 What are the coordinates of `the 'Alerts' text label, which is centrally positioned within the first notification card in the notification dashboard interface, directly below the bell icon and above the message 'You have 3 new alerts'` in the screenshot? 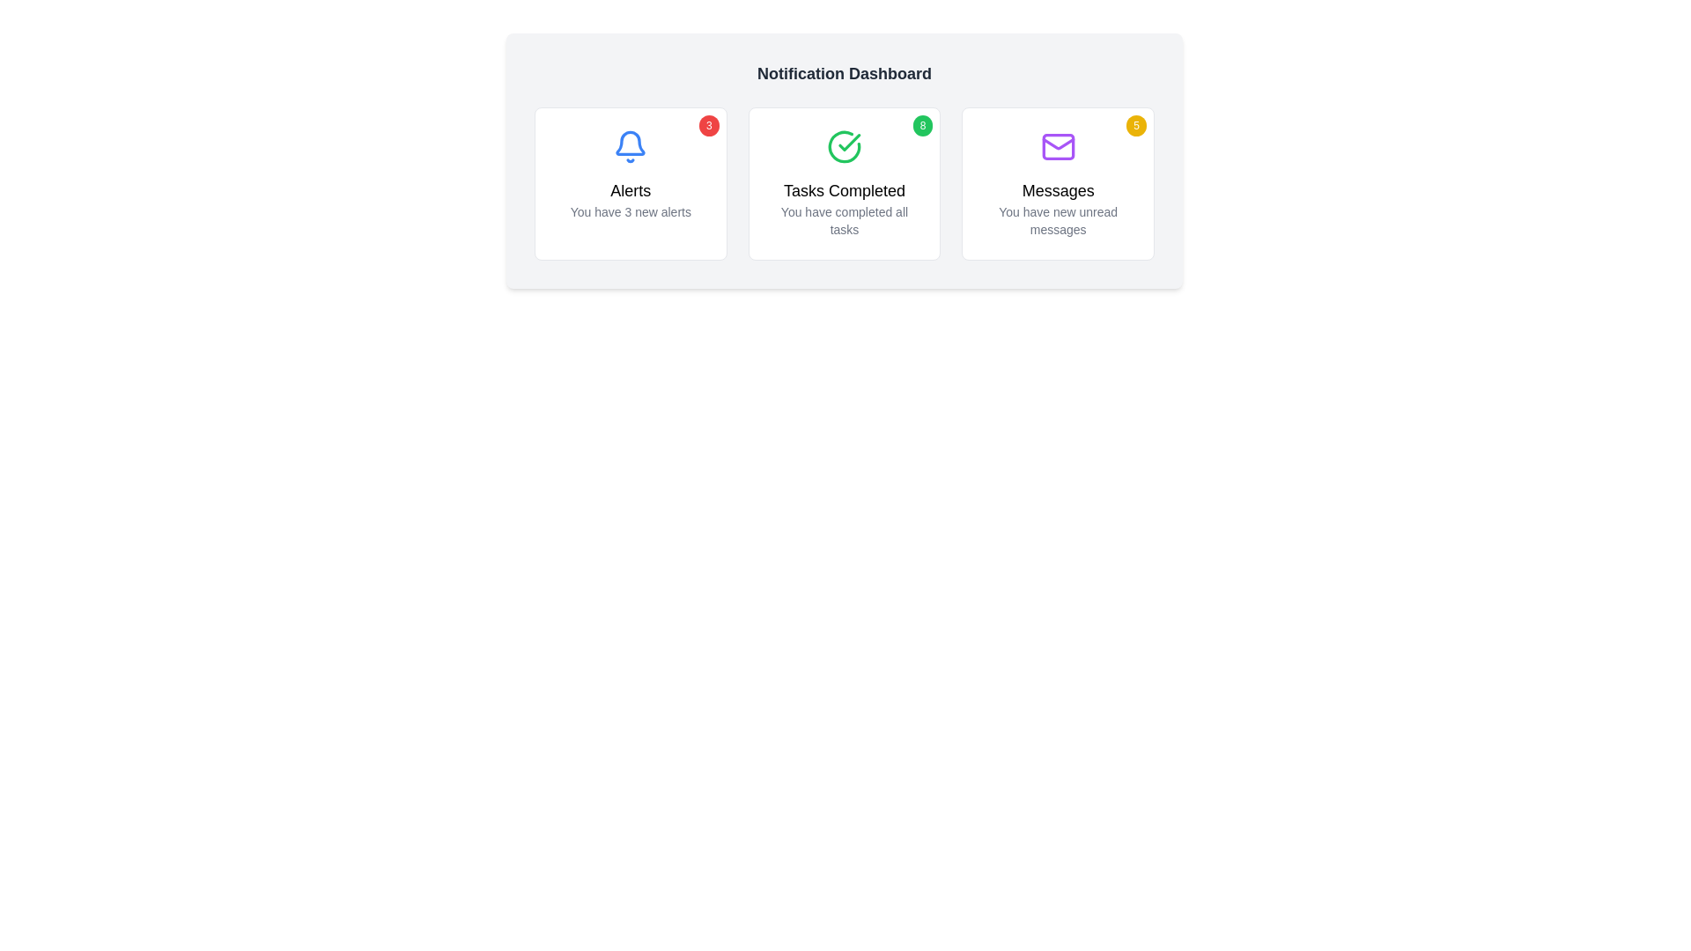 It's located at (631, 190).